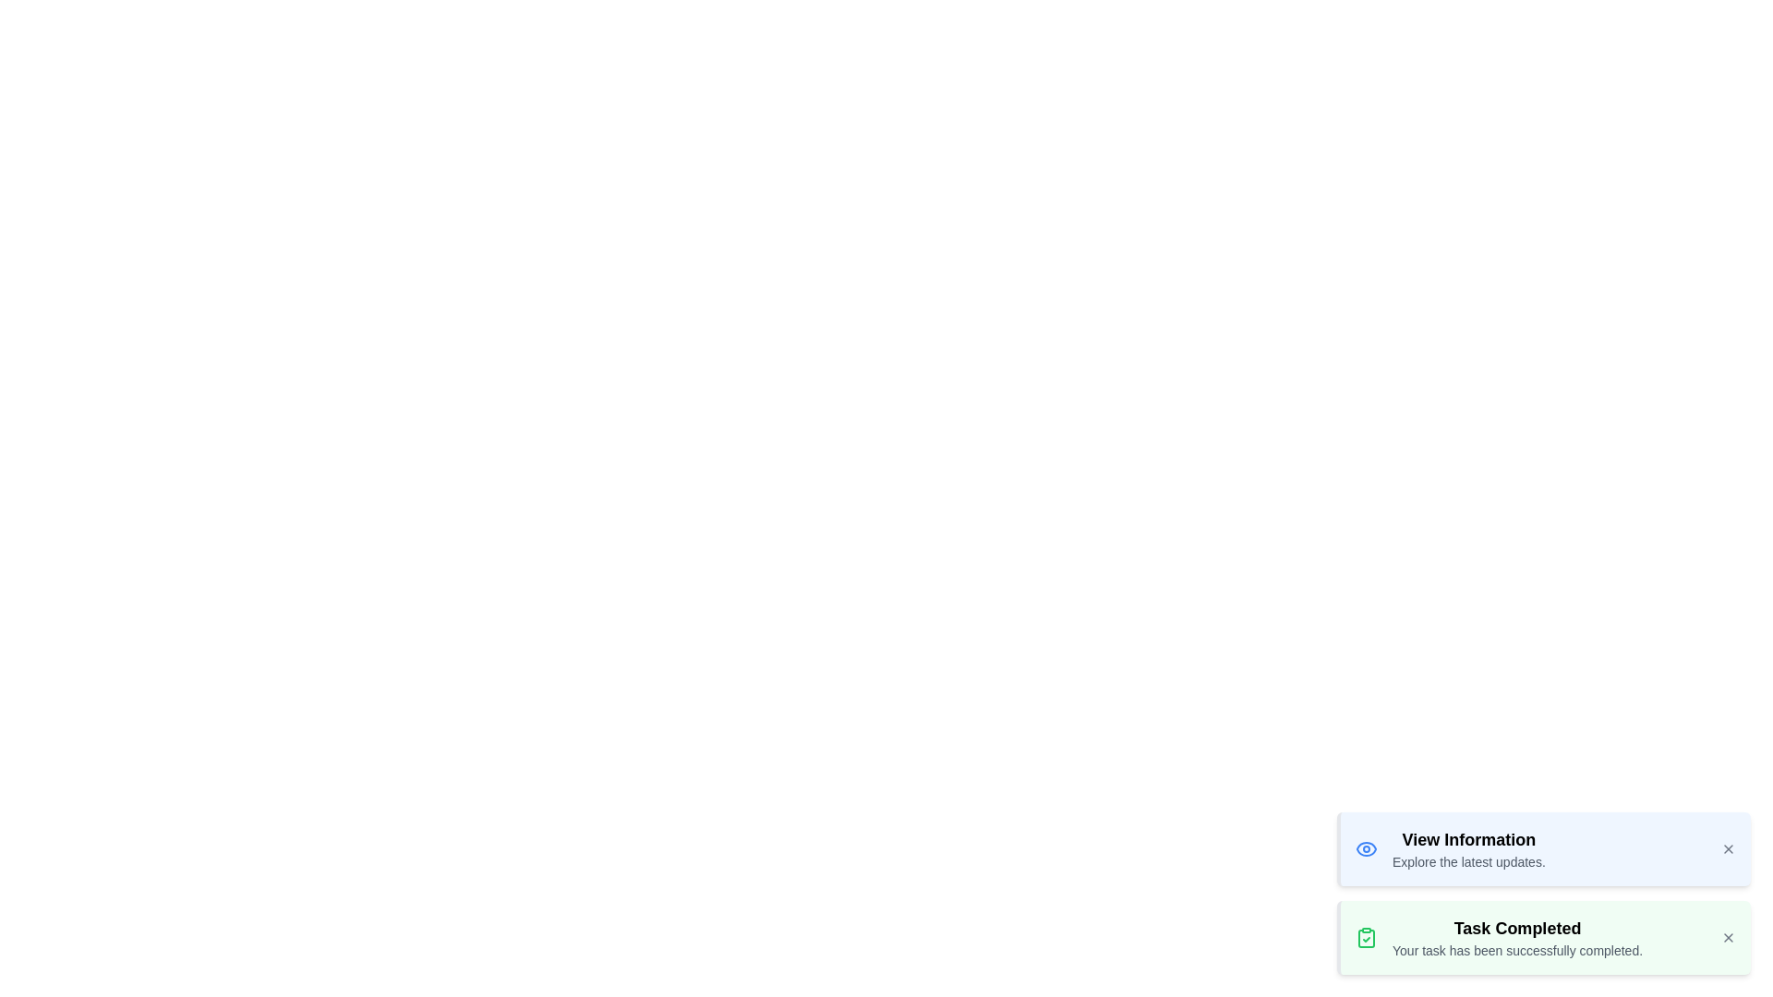 Image resolution: width=1773 pixels, height=997 pixels. Describe the element at coordinates (1466, 849) in the screenshot. I see `the notification message text for inspection` at that location.